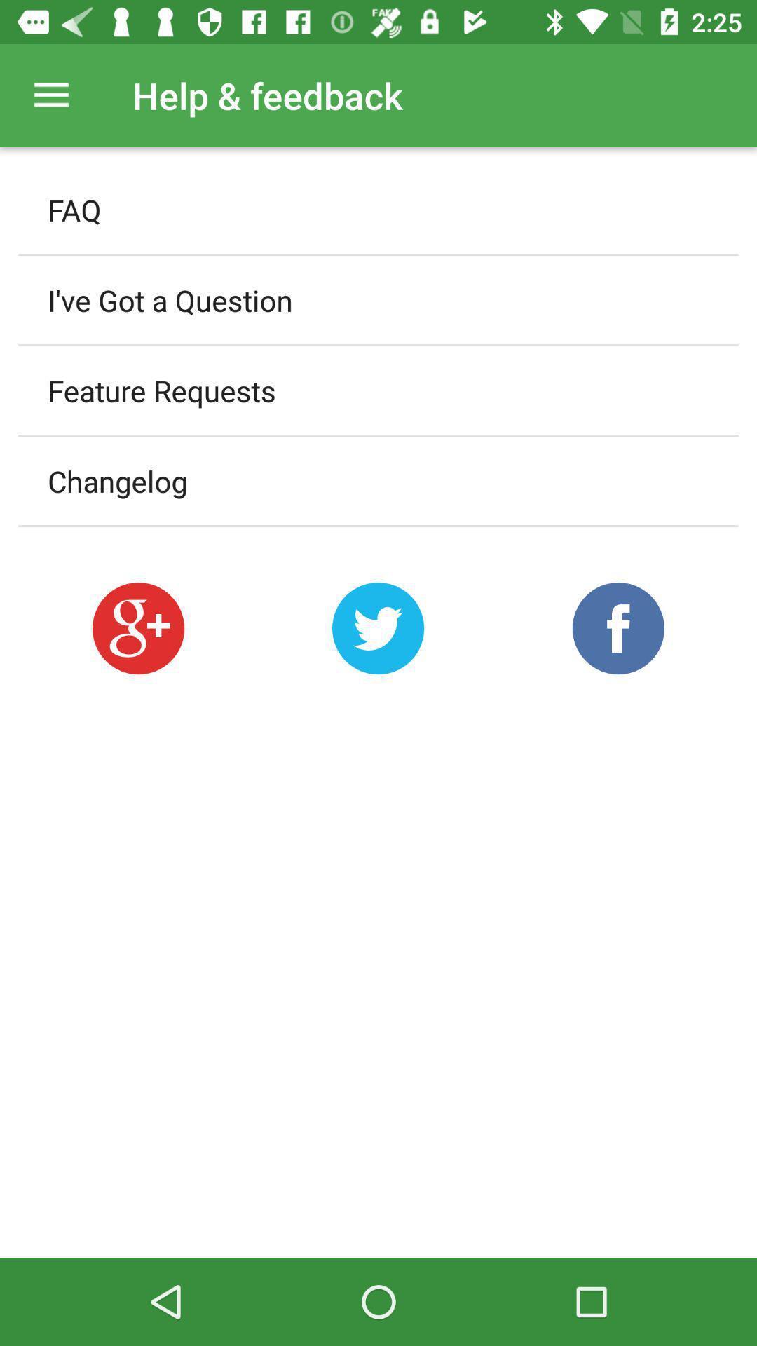 This screenshot has width=757, height=1346. What do you see at coordinates (377, 627) in the screenshot?
I see `share on twitter` at bounding box center [377, 627].